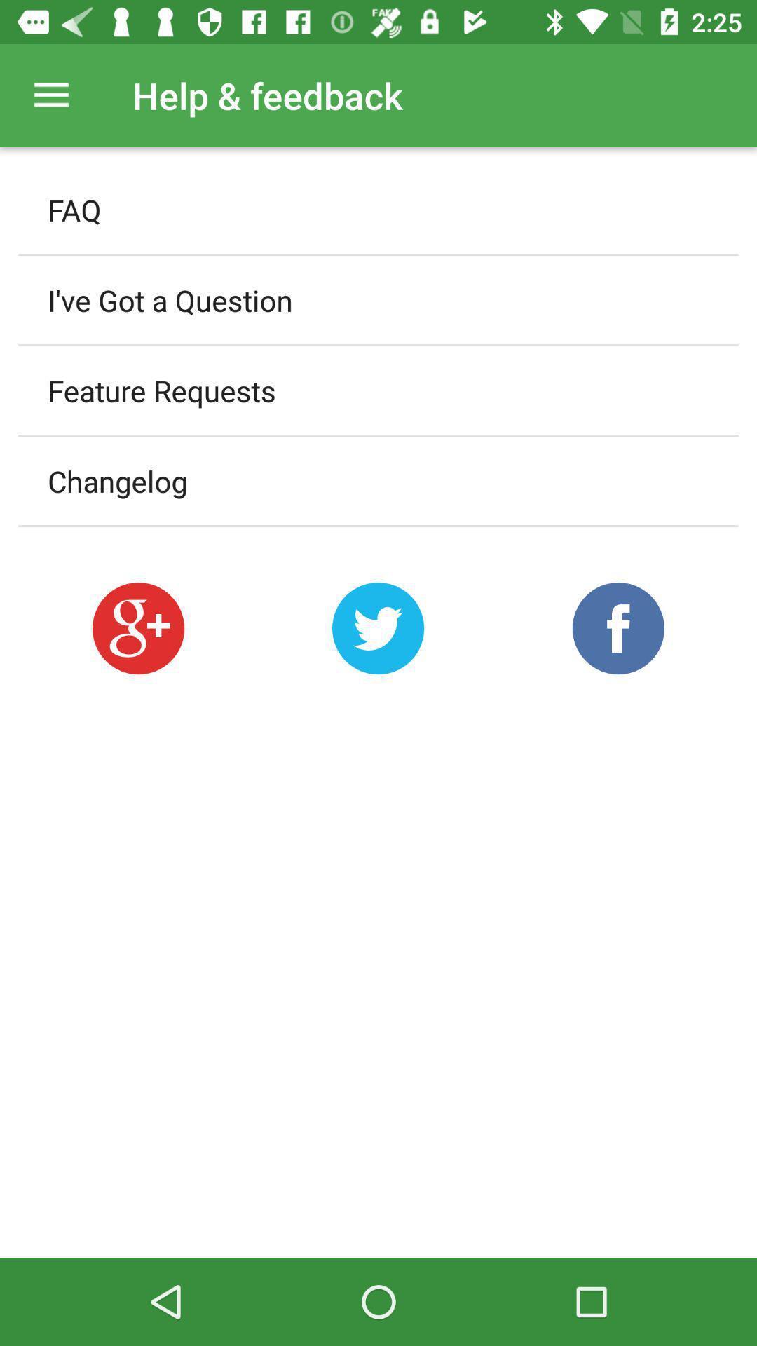 This screenshot has width=757, height=1346. What do you see at coordinates (377, 627) in the screenshot?
I see `share on twitter` at bounding box center [377, 627].